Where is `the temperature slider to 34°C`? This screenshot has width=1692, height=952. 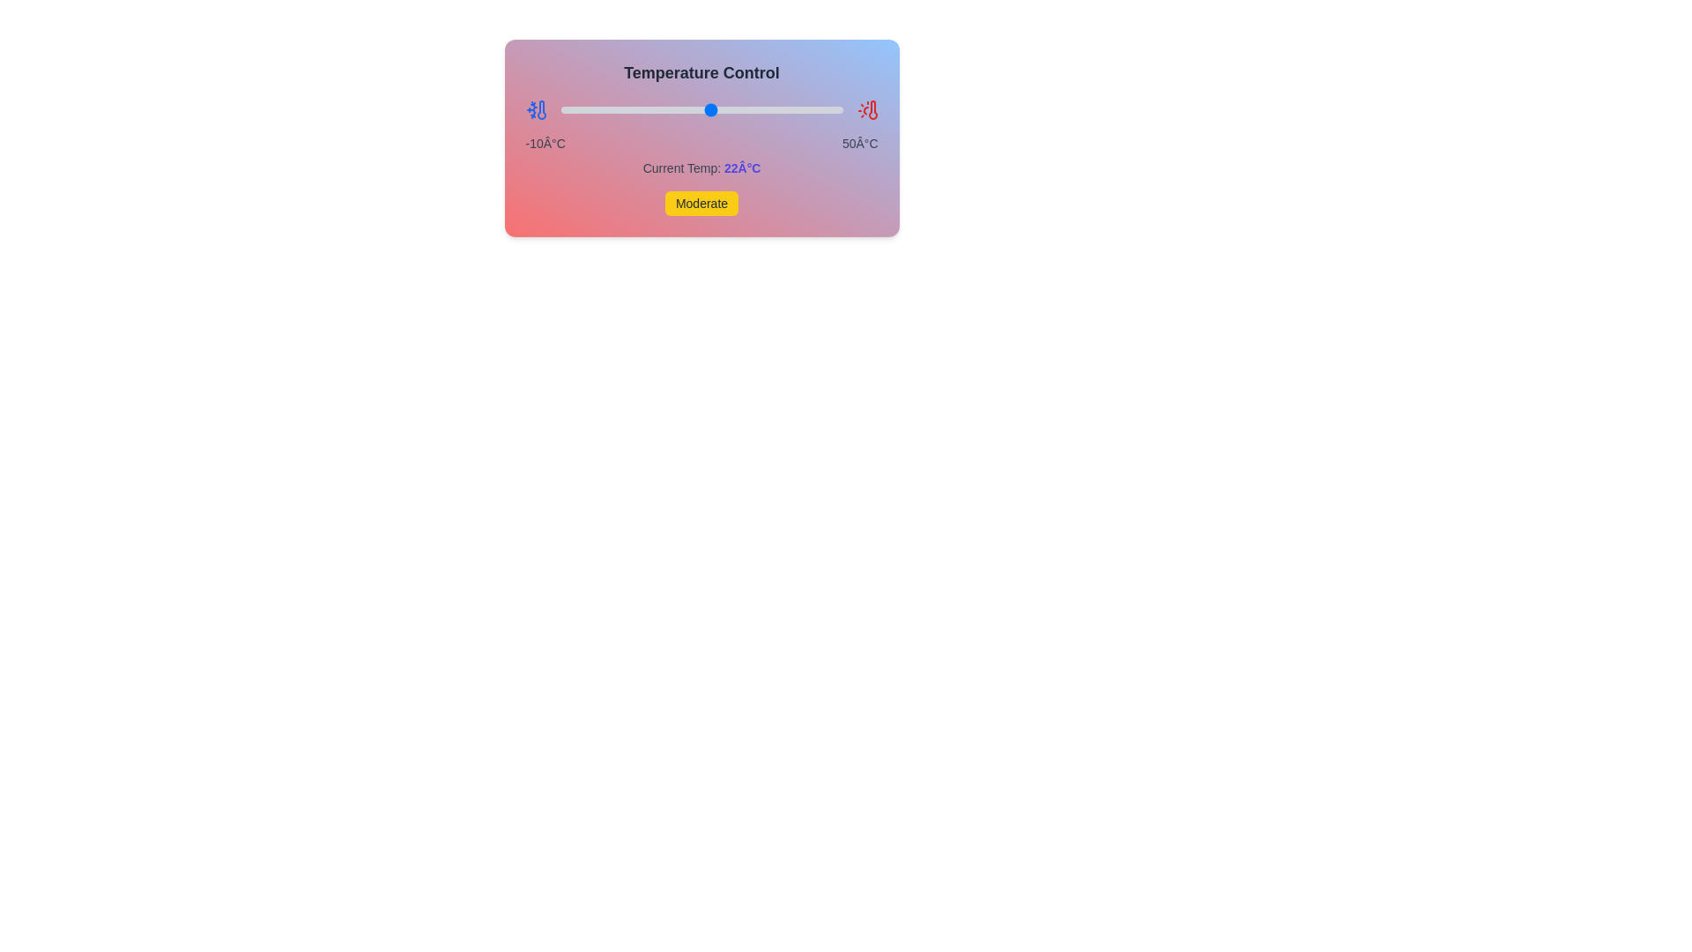 the temperature slider to 34°C is located at coordinates (768, 109).